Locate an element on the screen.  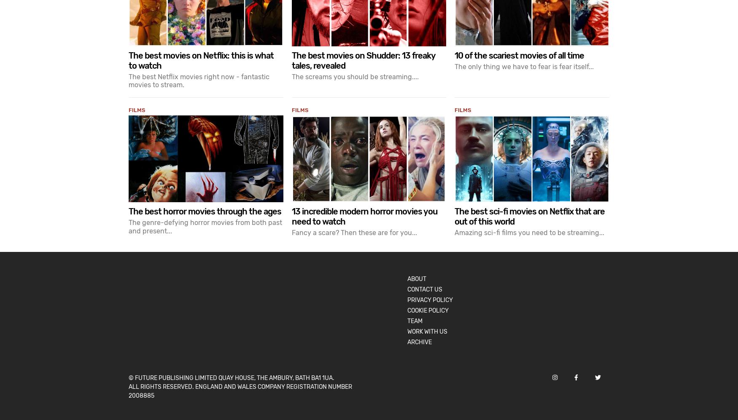
'13 incredible modern horror movies you need to watch' is located at coordinates (364, 216).